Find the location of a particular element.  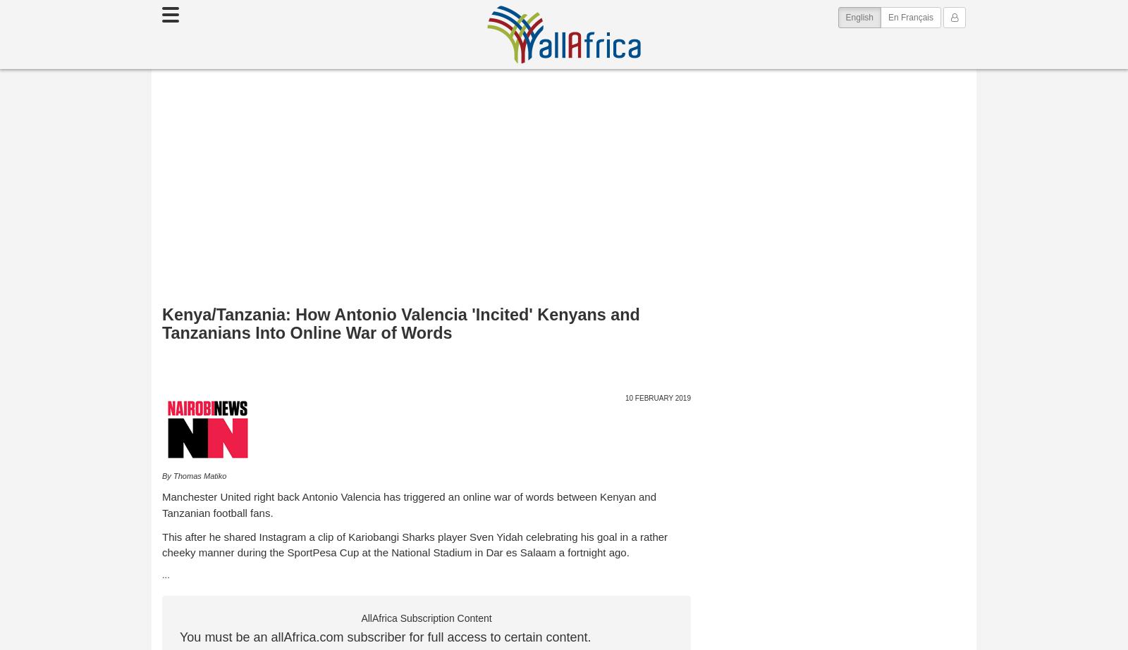

'English' is located at coordinates (858, 18).